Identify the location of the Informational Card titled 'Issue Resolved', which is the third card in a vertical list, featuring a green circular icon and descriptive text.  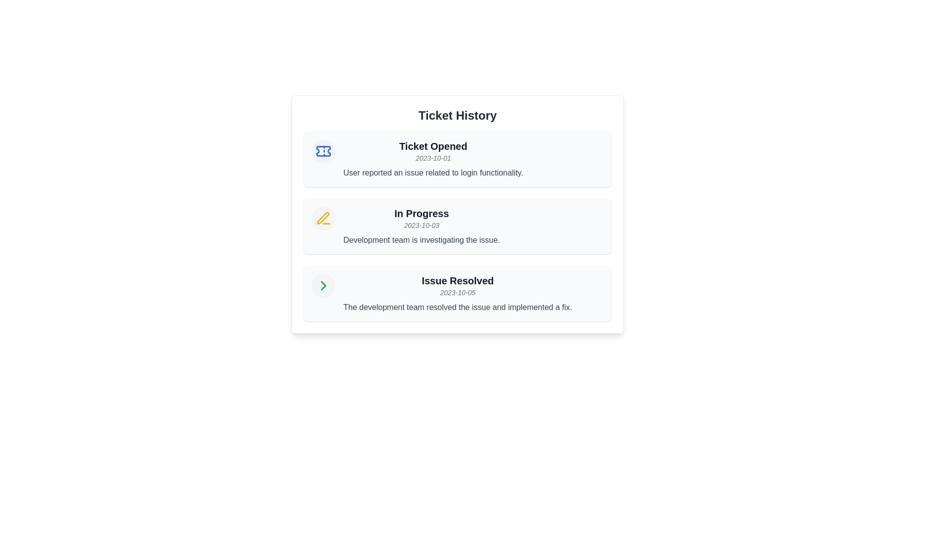
(457, 293).